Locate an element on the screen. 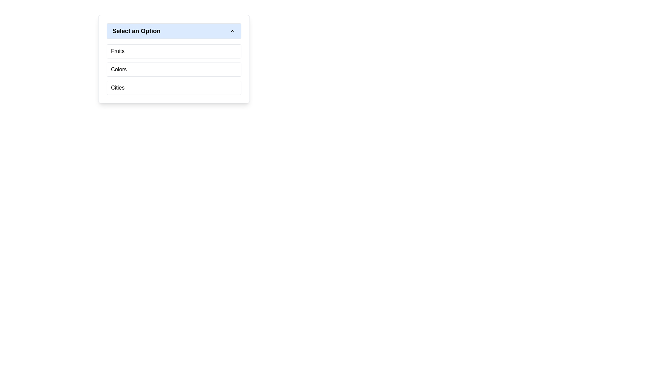 The height and width of the screenshot is (365, 650). the third item in the dropdown list labeled 'Cities' is located at coordinates (174, 87).